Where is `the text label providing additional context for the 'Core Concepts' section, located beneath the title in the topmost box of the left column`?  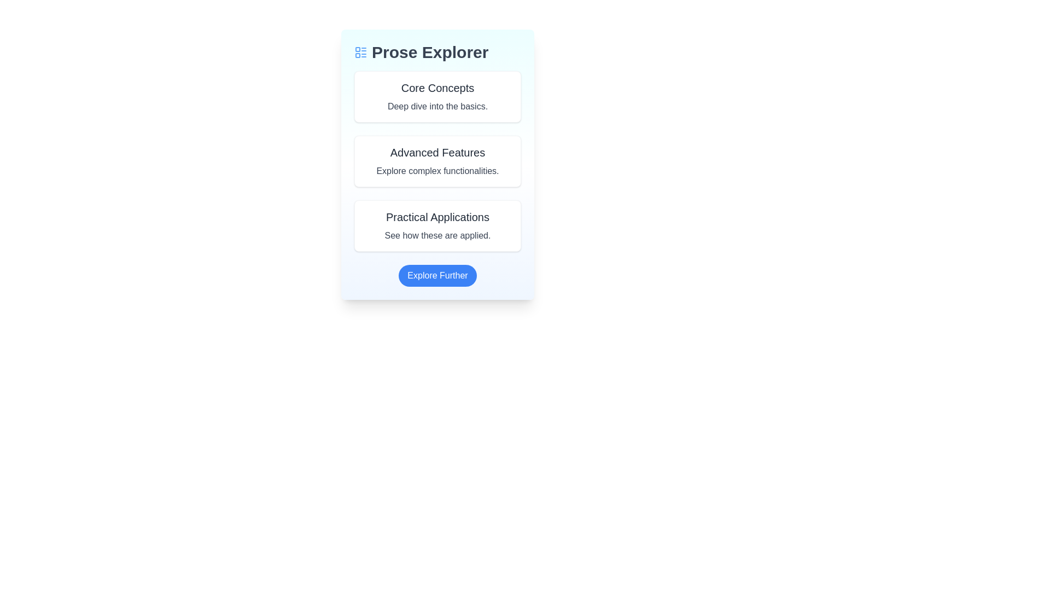
the text label providing additional context for the 'Core Concepts' section, located beneath the title in the topmost box of the left column is located at coordinates (437, 107).